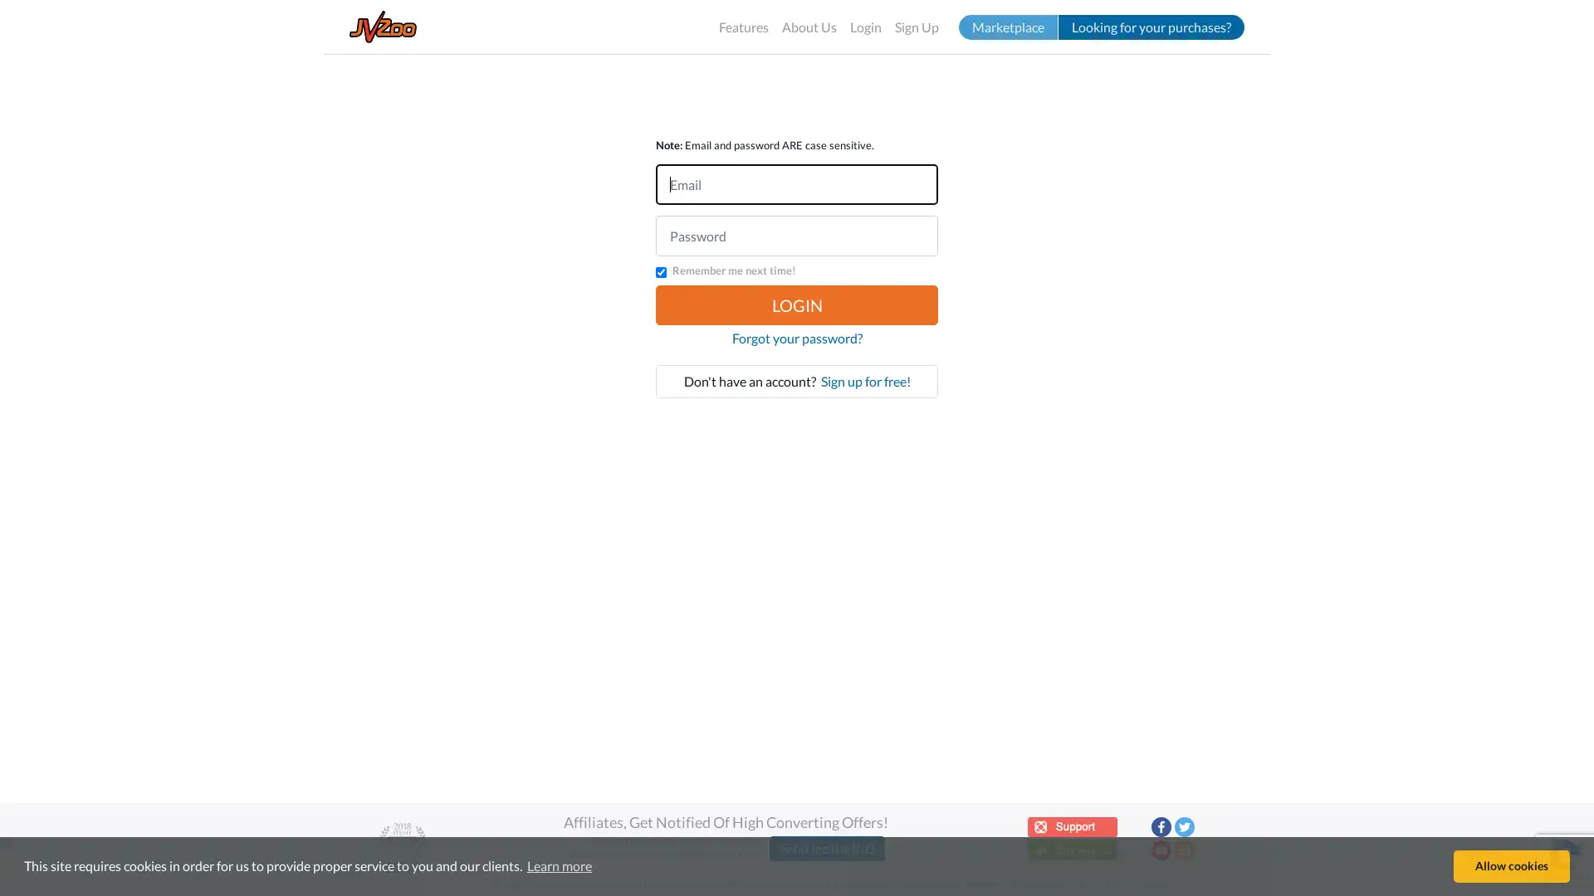  Describe the element at coordinates (797, 304) in the screenshot. I see `LOGIN` at that location.